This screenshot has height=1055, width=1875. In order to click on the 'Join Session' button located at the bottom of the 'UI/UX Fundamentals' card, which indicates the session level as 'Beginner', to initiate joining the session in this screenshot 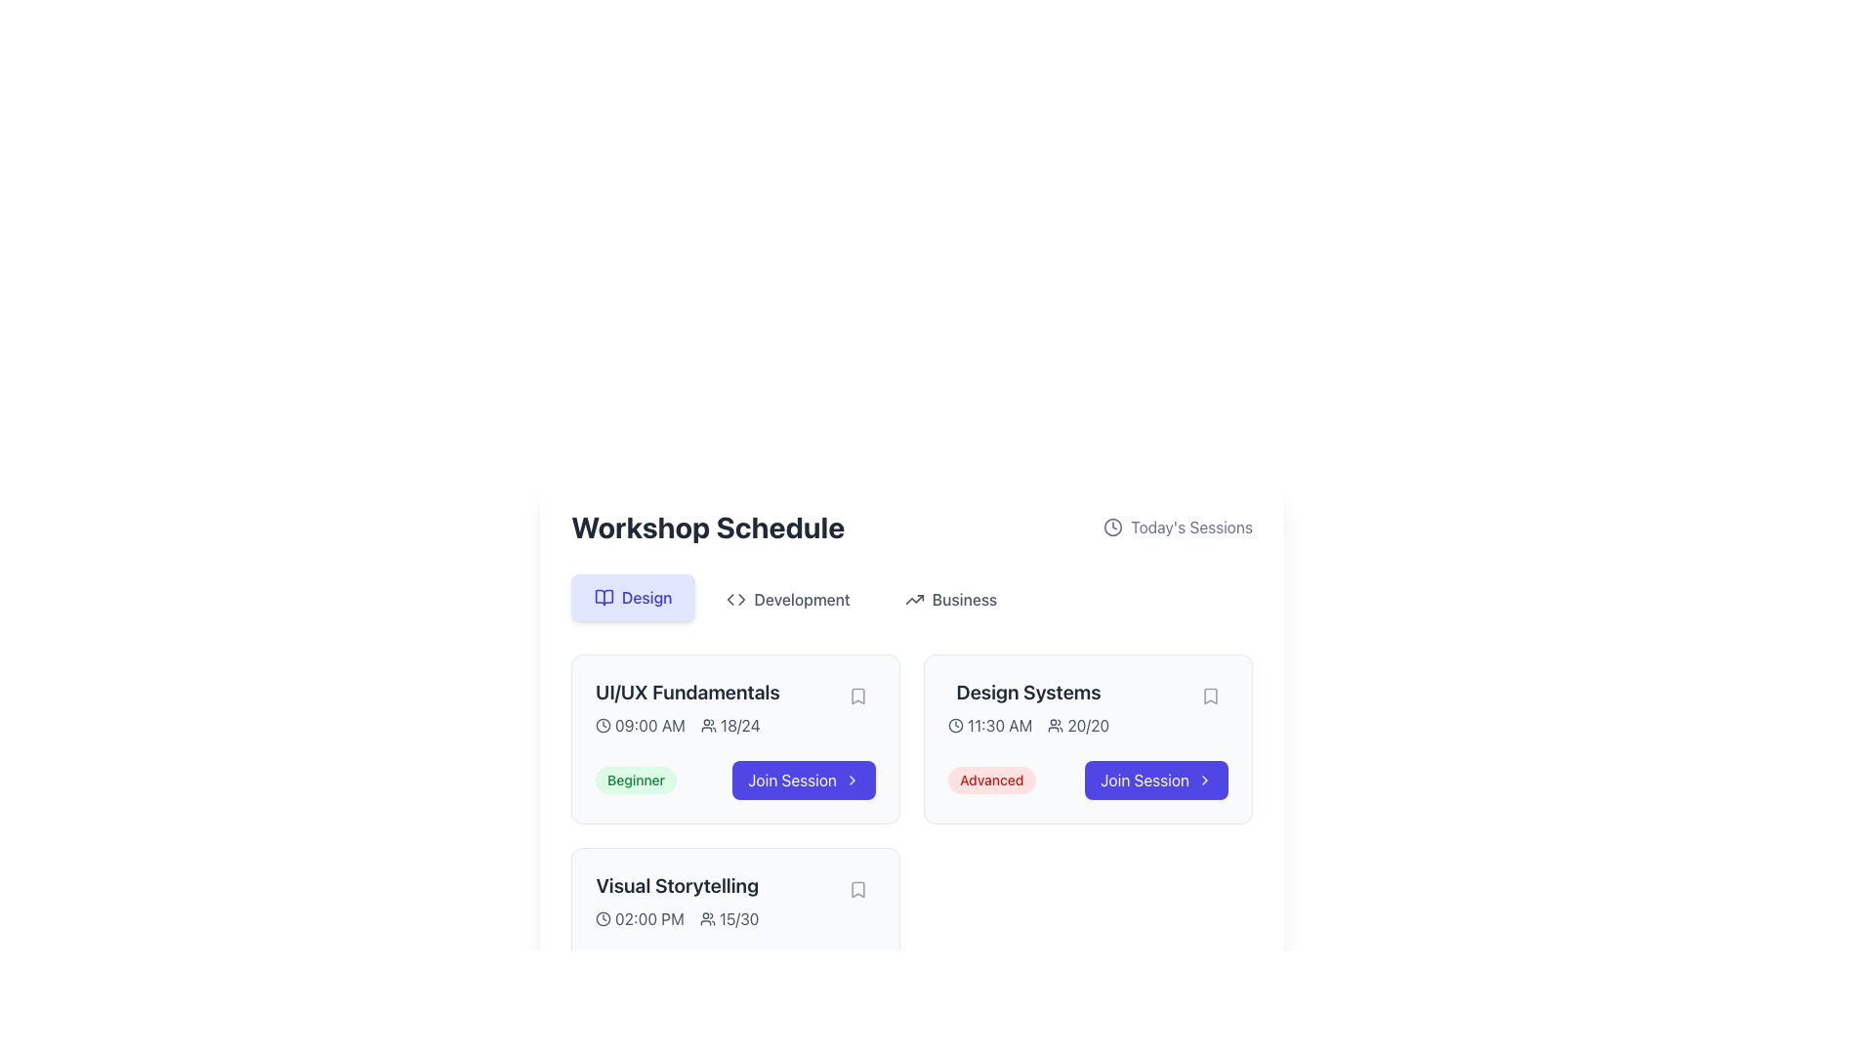, I will do `click(734, 779)`.